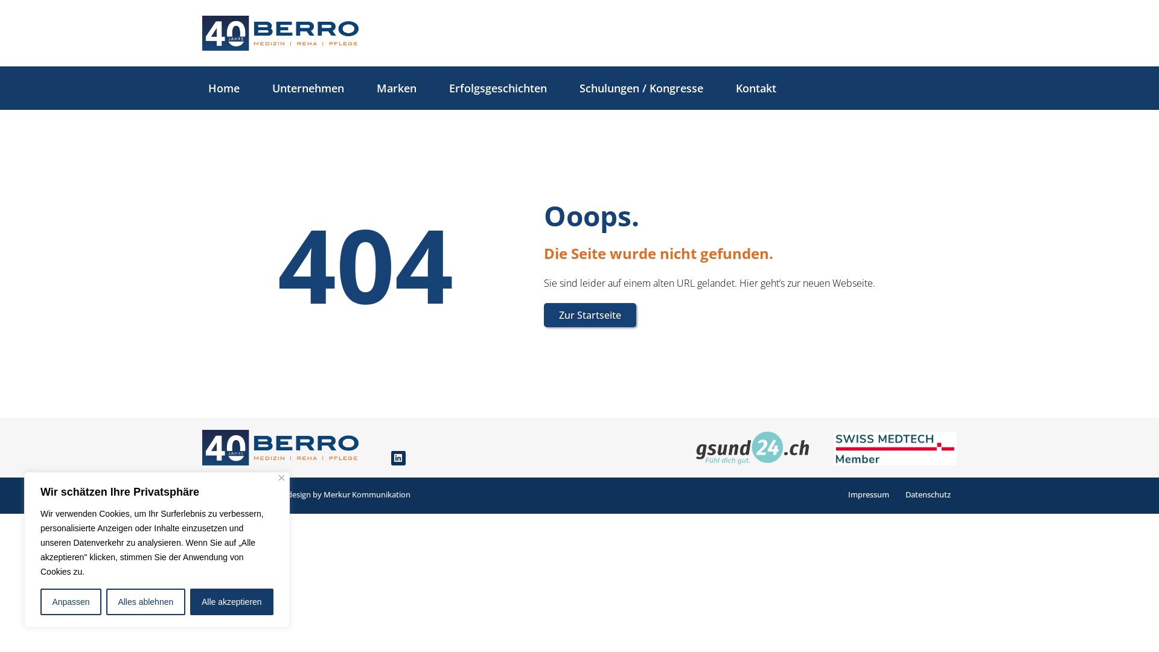 Image resolution: width=1159 pixels, height=652 pixels. Describe the element at coordinates (232, 601) in the screenshot. I see `'Alle akzeptieren'` at that location.